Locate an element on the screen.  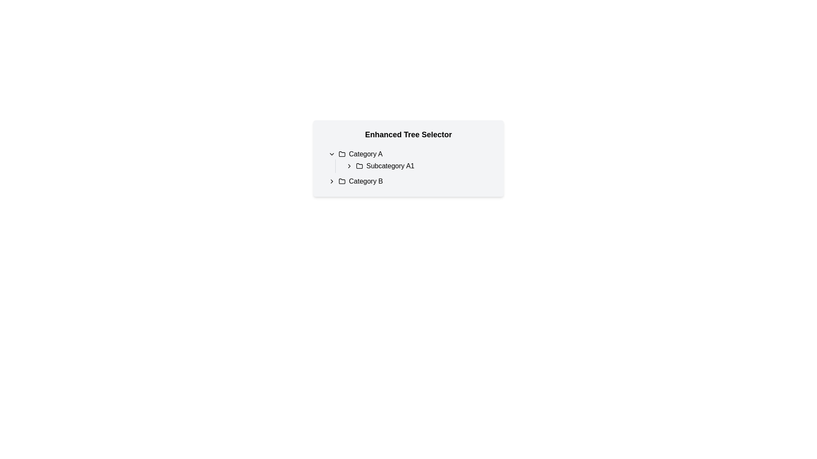
the folder icon located to the left of the text 'Category B' is located at coordinates (342, 181).